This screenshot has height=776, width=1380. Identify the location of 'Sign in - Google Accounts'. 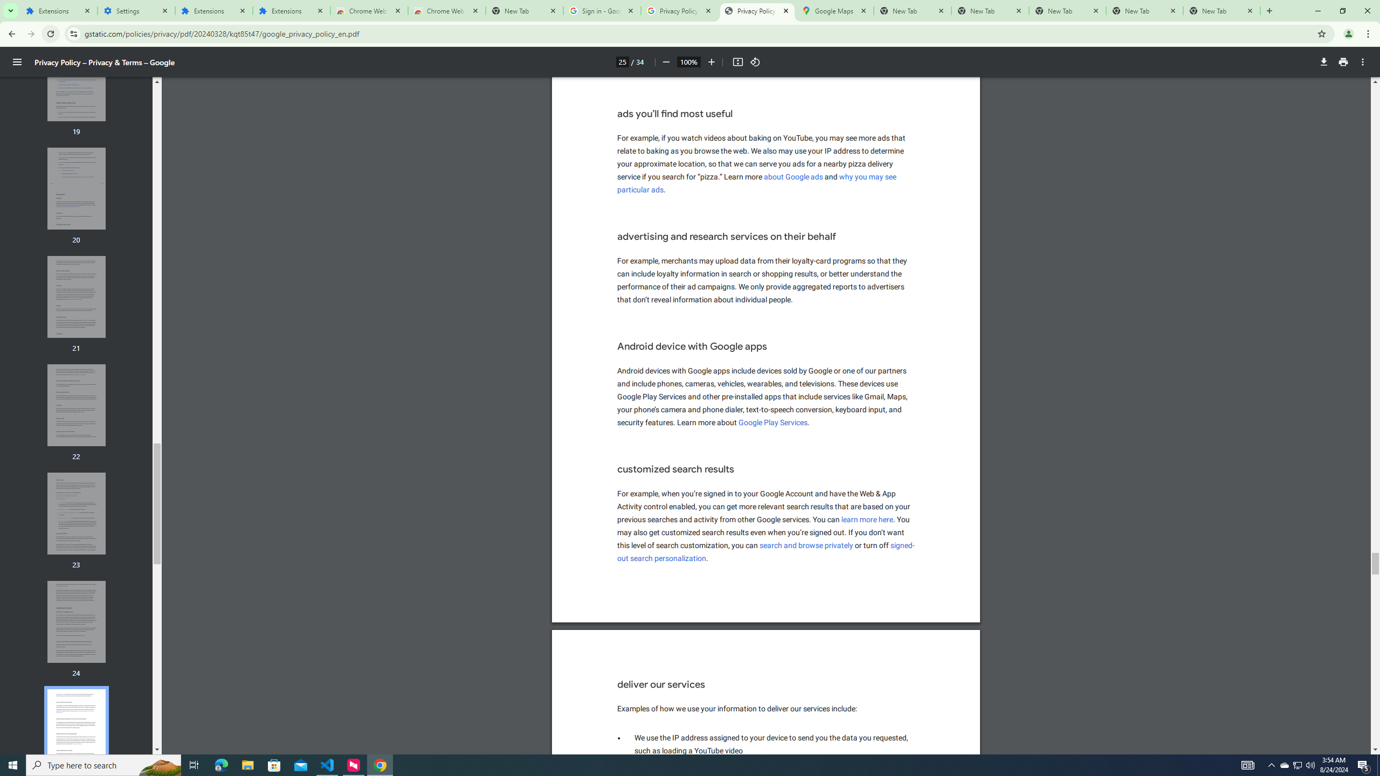
(602, 10).